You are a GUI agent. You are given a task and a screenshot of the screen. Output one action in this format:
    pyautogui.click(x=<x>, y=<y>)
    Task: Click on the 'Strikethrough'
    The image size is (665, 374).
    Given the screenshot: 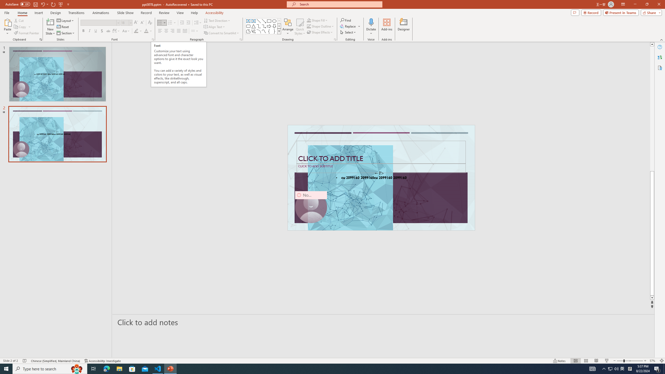 What is the action you would take?
    pyautogui.click(x=108, y=31)
    